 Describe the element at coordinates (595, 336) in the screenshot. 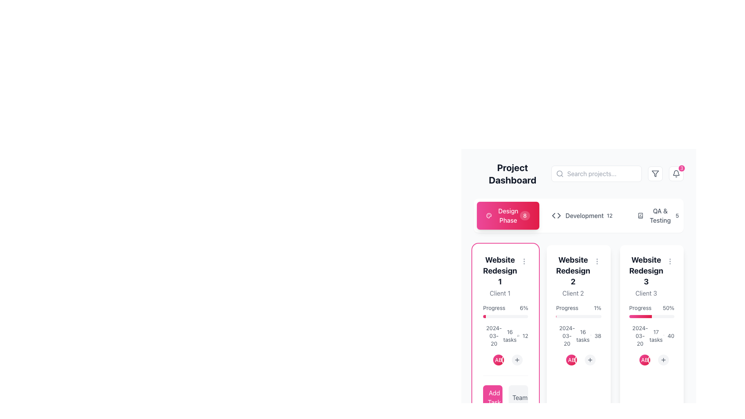

I see `the text label displaying the number of comments or messages associated with the 'Website Redesign 2' task, located in the third column of the grid layout, to the right of '16 tasks'` at that location.